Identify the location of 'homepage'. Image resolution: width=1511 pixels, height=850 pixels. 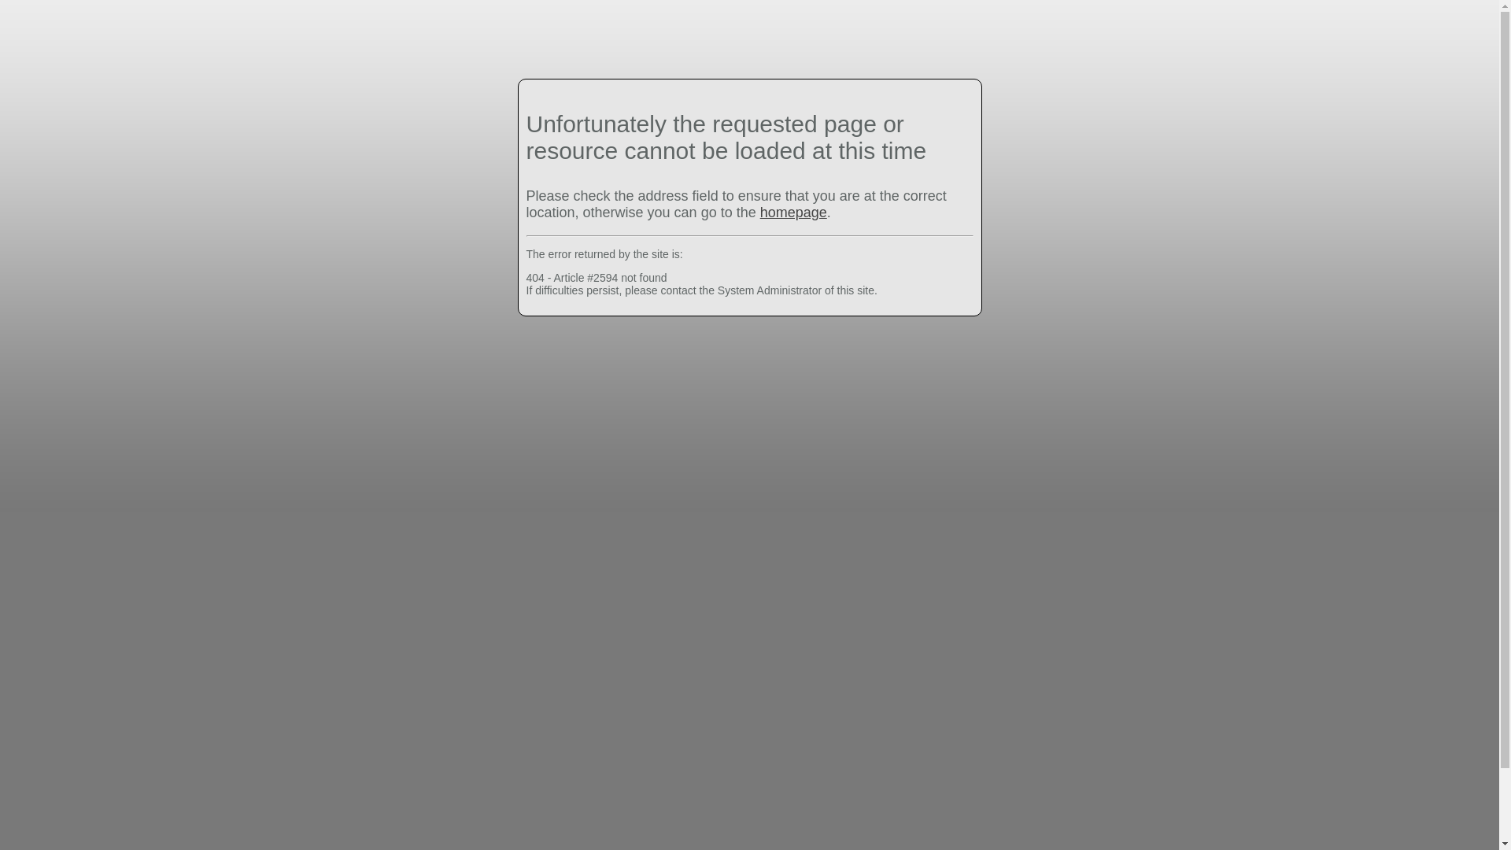
(793, 213).